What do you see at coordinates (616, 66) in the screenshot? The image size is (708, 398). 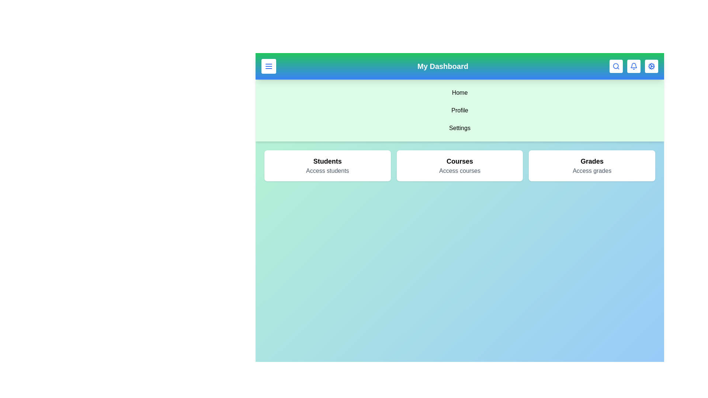 I see `the Search button in the navigation bar` at bounding box center [616, 66].